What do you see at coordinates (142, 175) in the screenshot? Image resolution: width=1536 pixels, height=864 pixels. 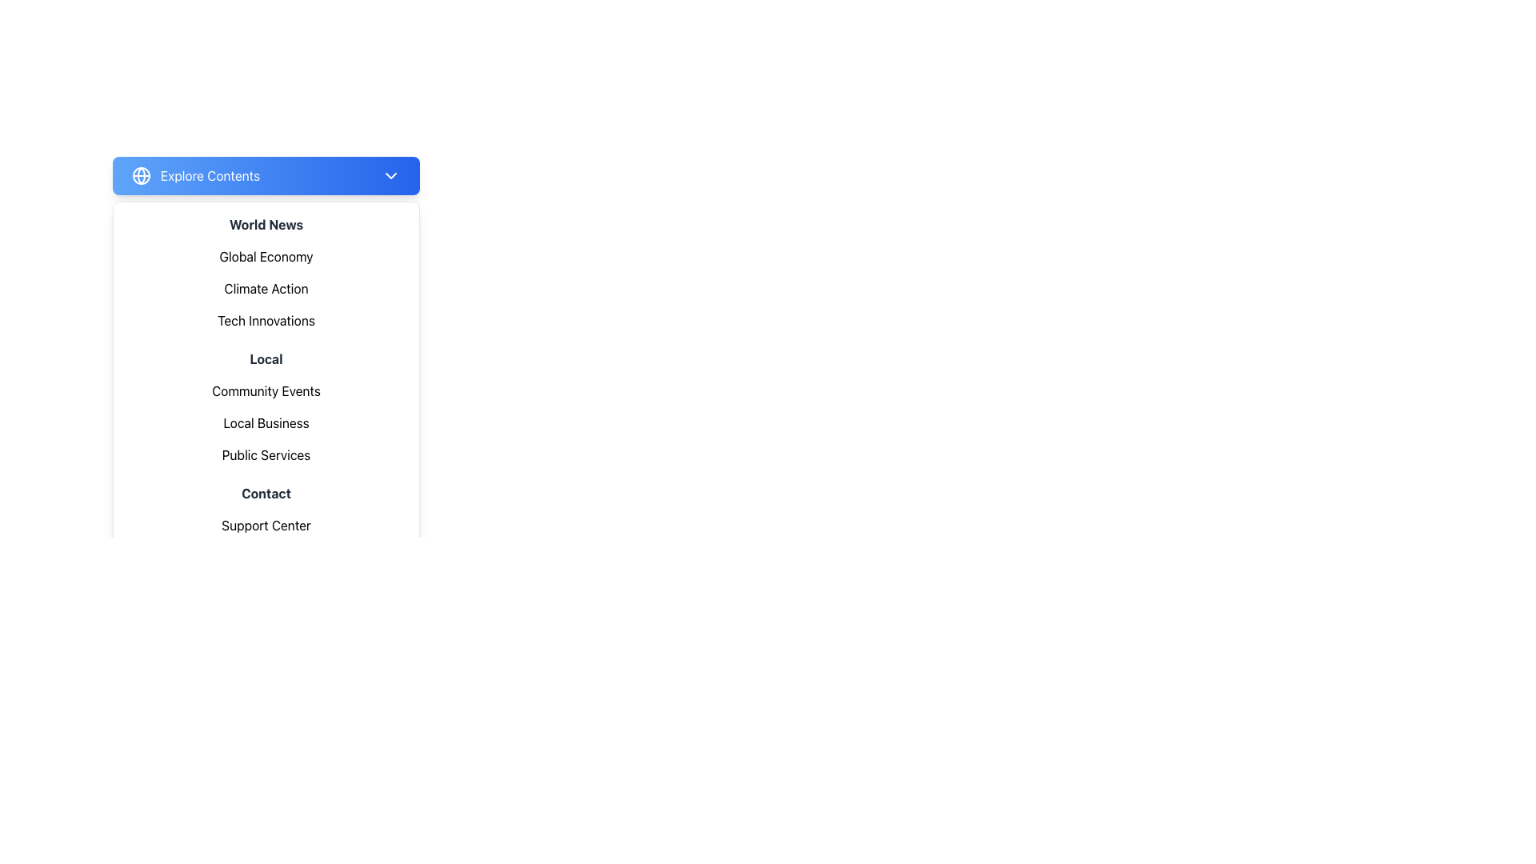 I see `the globe-shaped icon with a blue gradient background, located to the left of the 'Explore Contents' text in the header section` at bounding box center [142, 175].